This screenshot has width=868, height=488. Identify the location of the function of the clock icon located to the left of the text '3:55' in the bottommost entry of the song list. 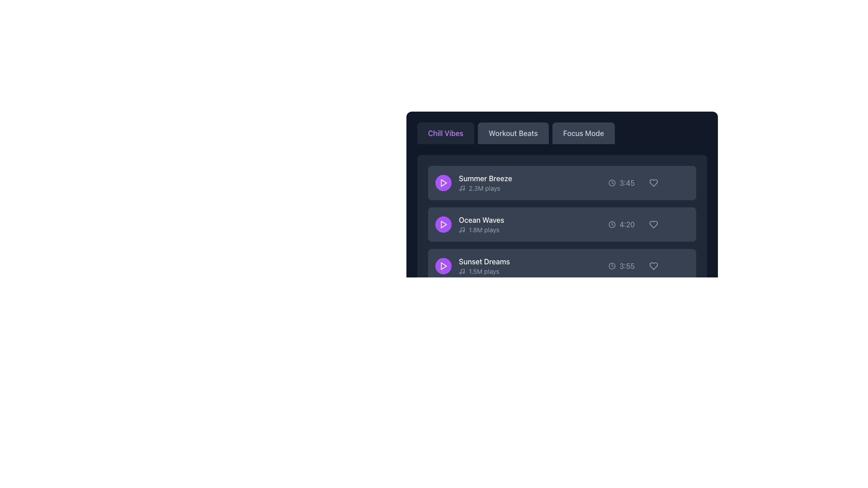
(612, 266).